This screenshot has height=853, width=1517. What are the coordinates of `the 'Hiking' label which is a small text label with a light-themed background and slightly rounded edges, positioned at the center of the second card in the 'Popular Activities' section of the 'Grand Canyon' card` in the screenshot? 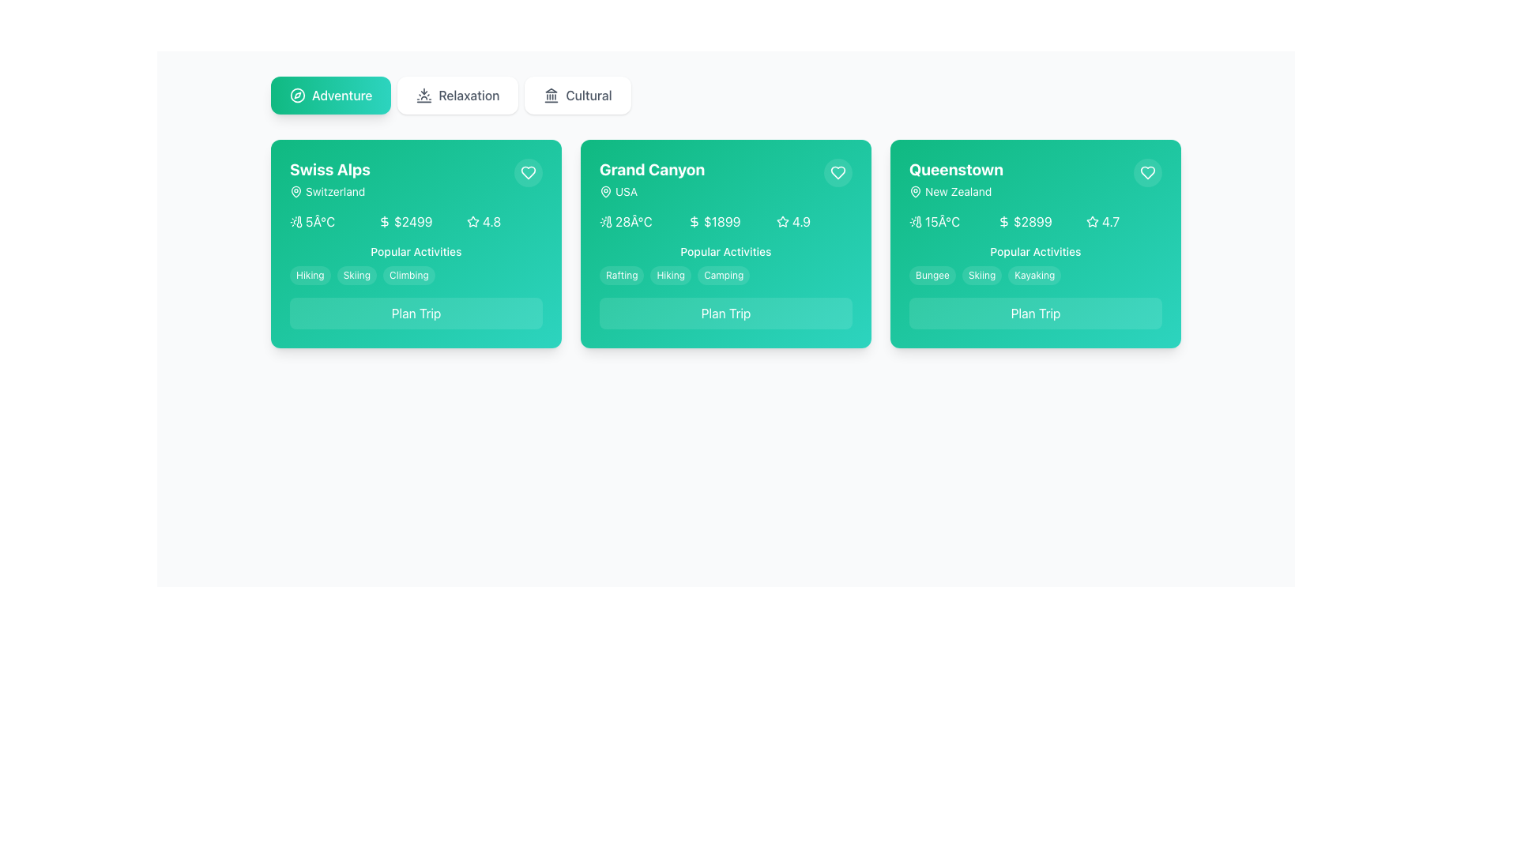 It's located at (671, 274).